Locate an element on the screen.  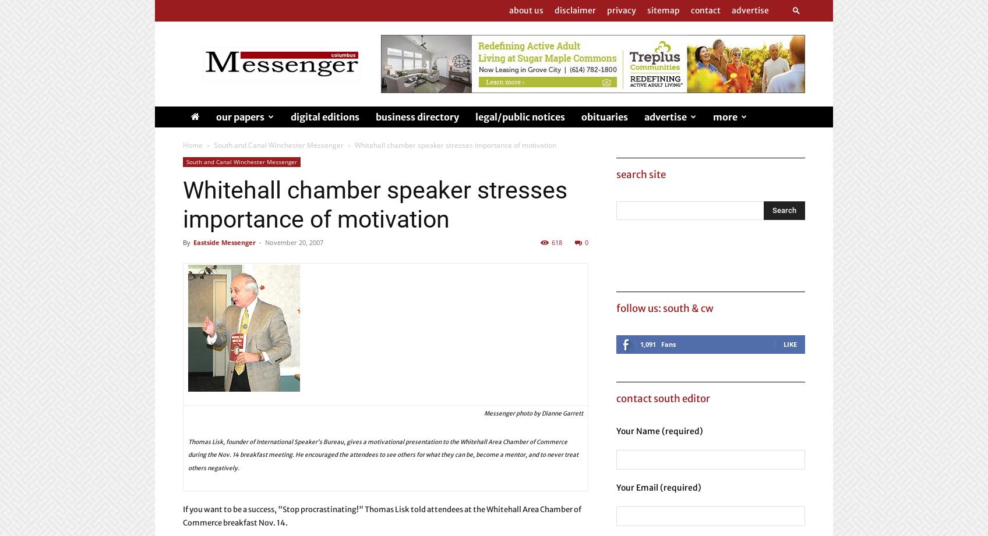
'November 20, 2007' is located at coordinates (294, 242).